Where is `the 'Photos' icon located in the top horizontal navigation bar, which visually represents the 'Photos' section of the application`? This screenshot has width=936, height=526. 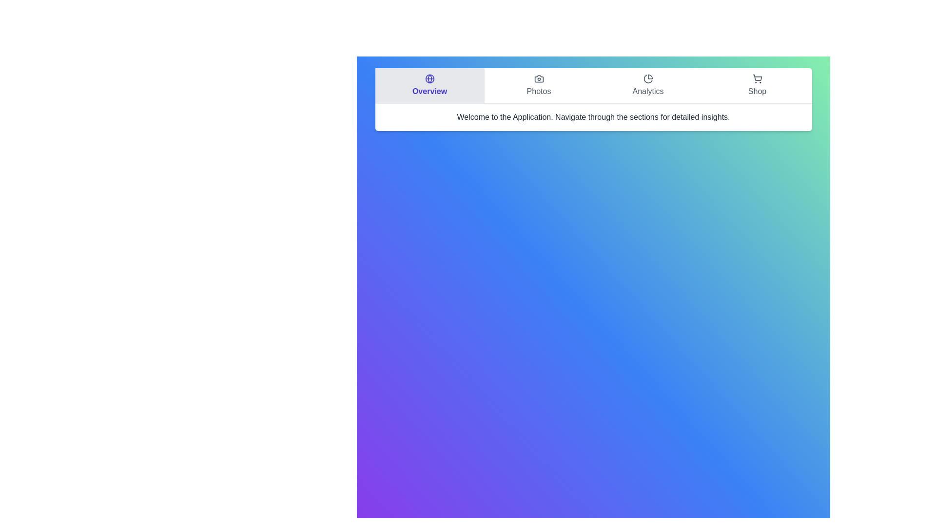 the 'Photos' icon located in the top horizontal navigation bar, which visually represents the 'Photos' section of the application is located at coordinates (538, 78).